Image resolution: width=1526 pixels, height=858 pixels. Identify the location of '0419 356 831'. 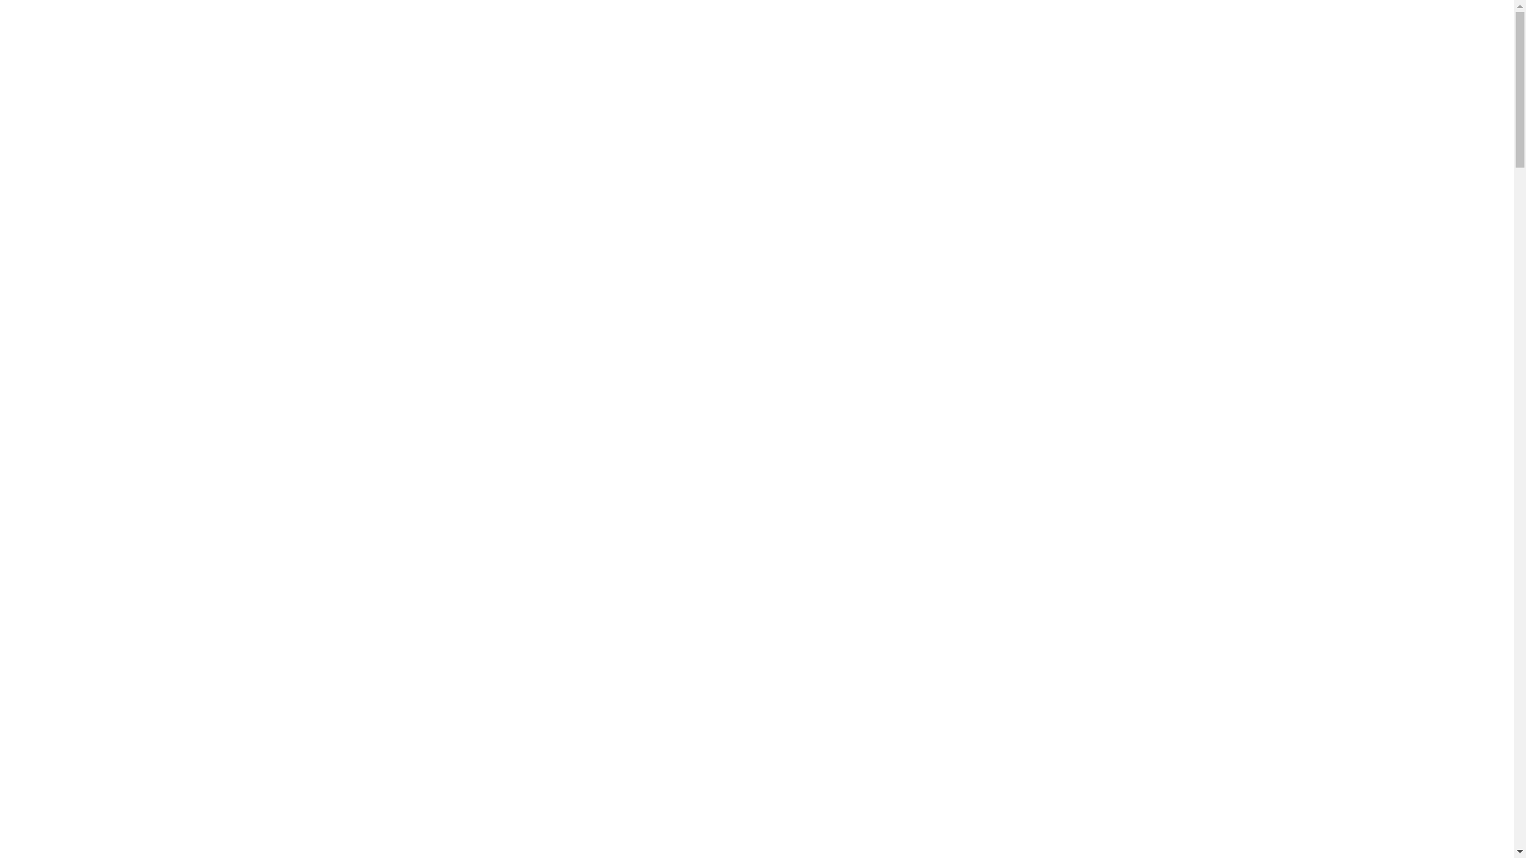
(76, 21).